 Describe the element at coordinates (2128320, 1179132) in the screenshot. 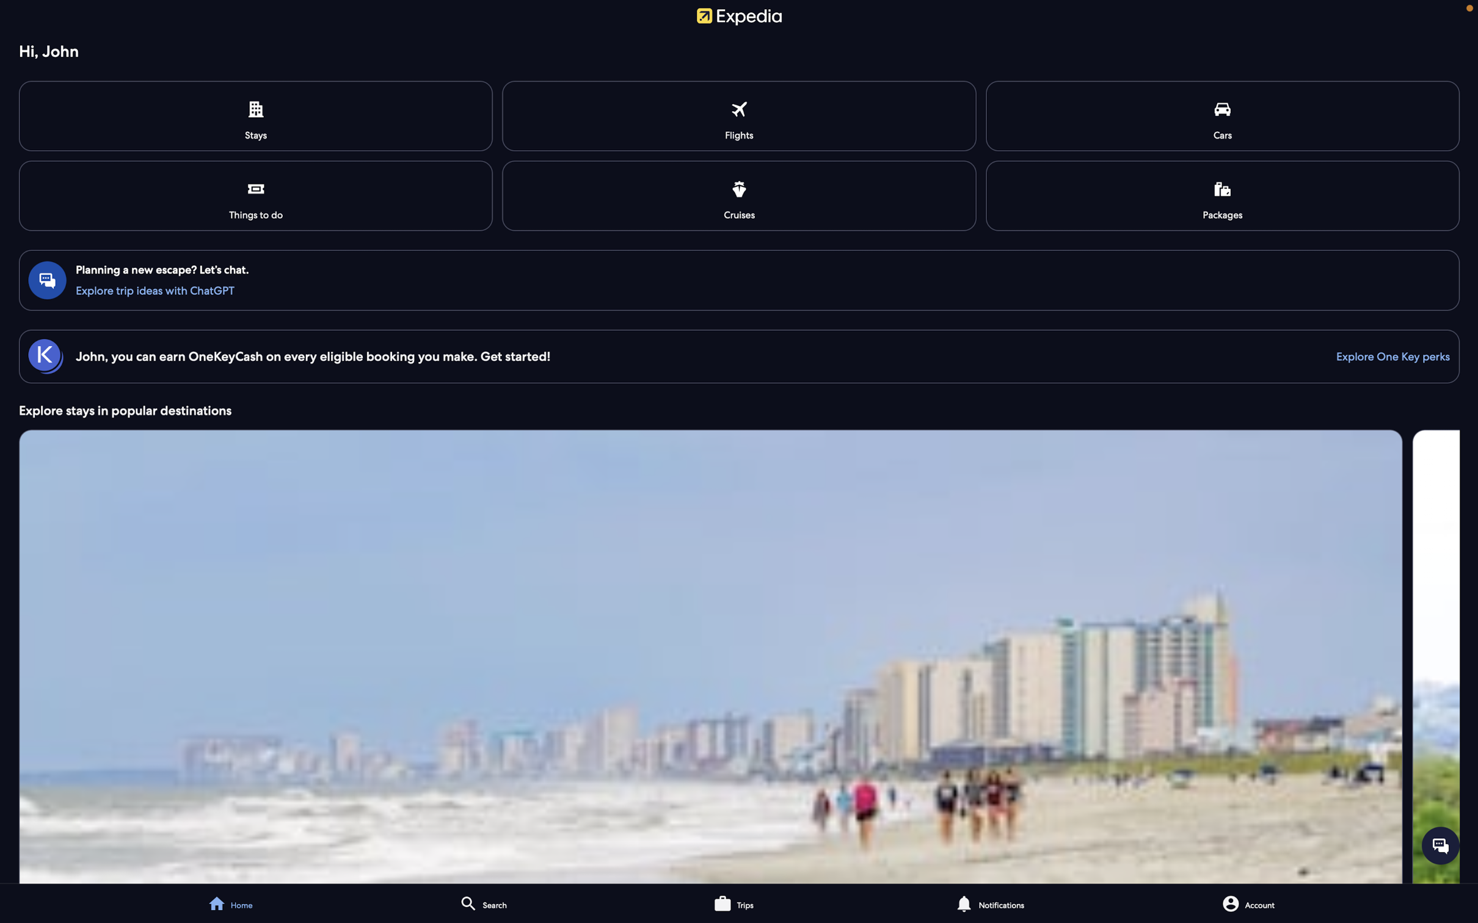

I see `Check popular destinations` at that location.